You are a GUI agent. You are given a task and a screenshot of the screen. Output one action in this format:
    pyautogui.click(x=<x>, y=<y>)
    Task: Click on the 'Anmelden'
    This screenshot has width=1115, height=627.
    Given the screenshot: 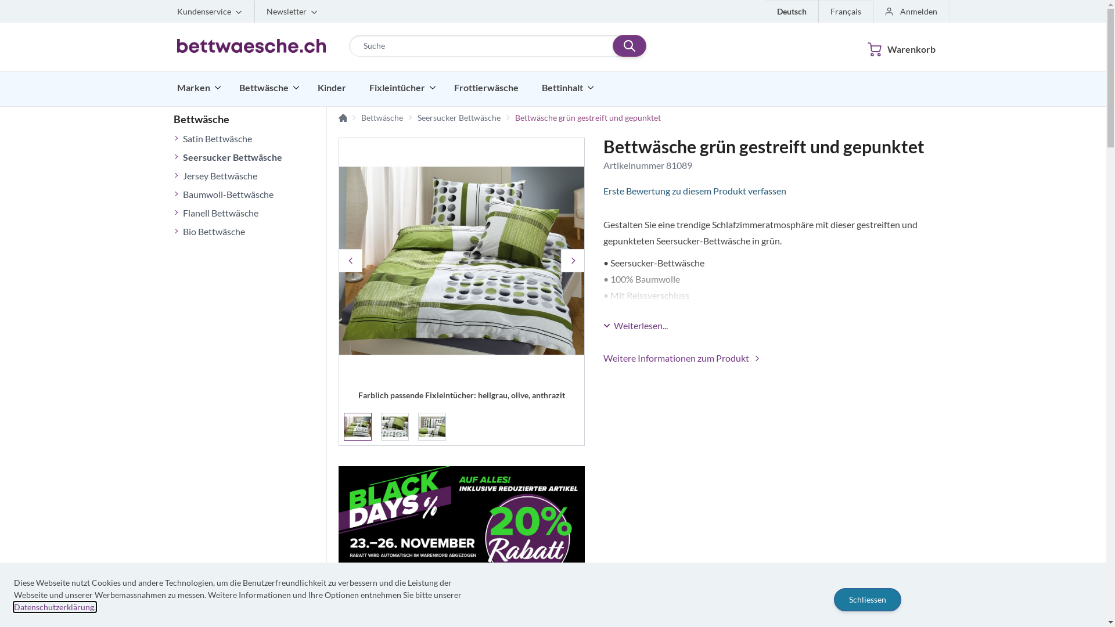 What is the action you would take?
    pyautogui.click(x=911, y=11)
    